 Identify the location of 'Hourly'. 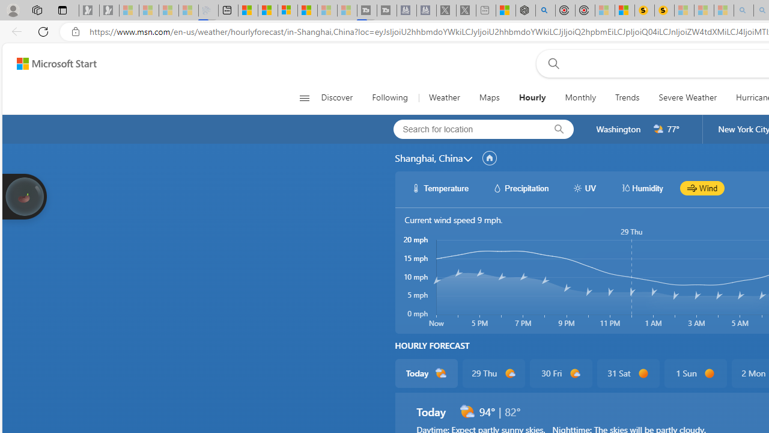
(532, 97).